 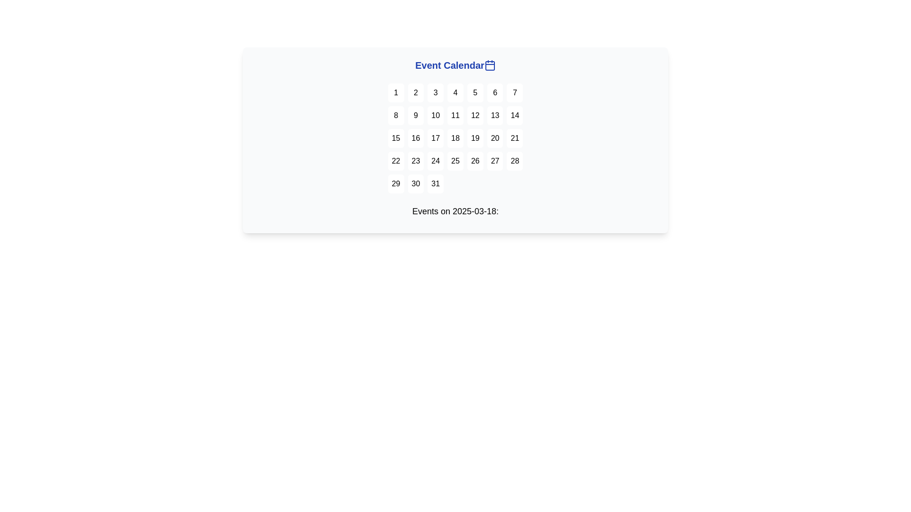 What do you see at coordinates (416, 115) in the screenshot?
I see `the square-shaped button with rounded corners displaying the number '9'` at bounding box center [416, 115].